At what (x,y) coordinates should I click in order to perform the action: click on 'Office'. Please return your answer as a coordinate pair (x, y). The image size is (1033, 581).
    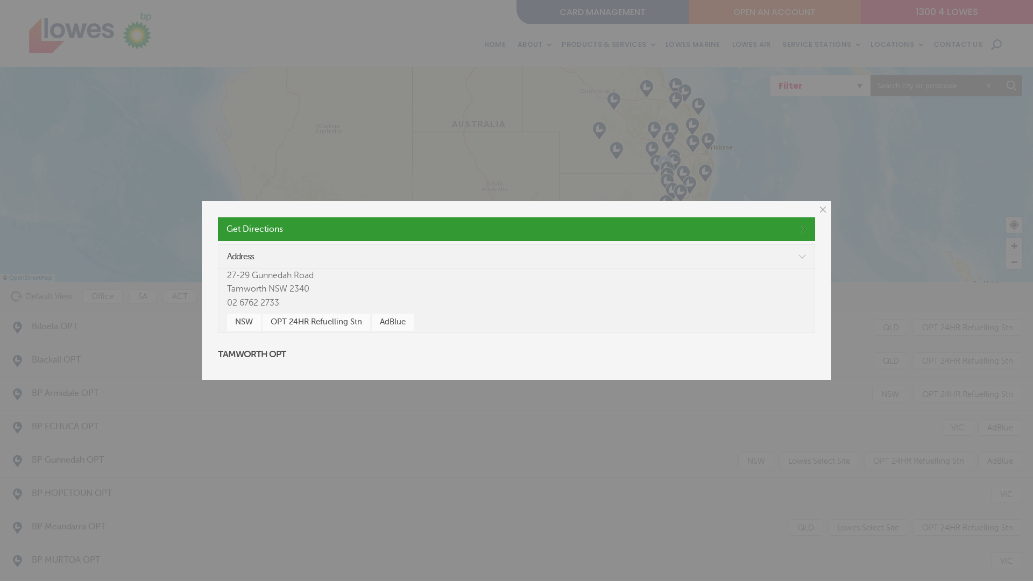
    Looking at the image, I should click on (102, 296).